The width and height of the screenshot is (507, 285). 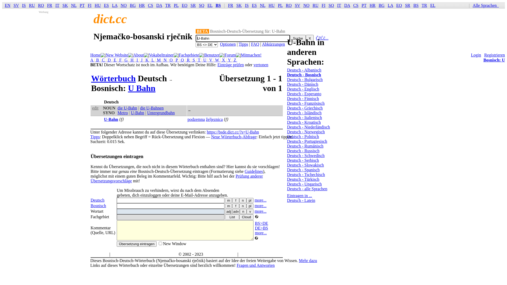 I want to click on 'CS', so click(x=356, y=5).